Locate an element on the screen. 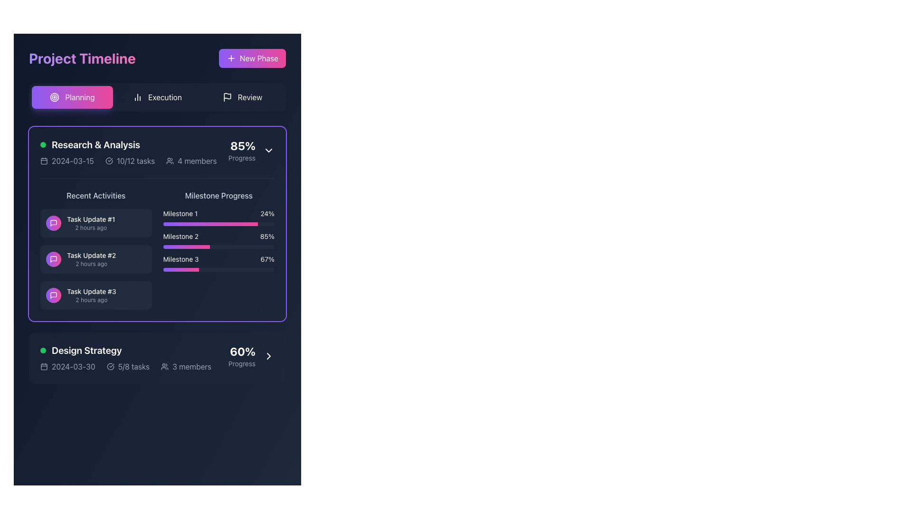 This screenshot has height=513, width=912. the Text Label displaying the progress percentage of 'Milestone 2' is located at coordinates (266, 236).